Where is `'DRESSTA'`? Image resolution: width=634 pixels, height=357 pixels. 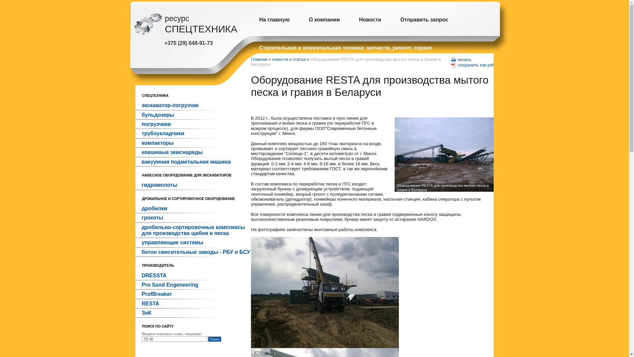 'DRESSTA' is located at coordinates (135, 275).